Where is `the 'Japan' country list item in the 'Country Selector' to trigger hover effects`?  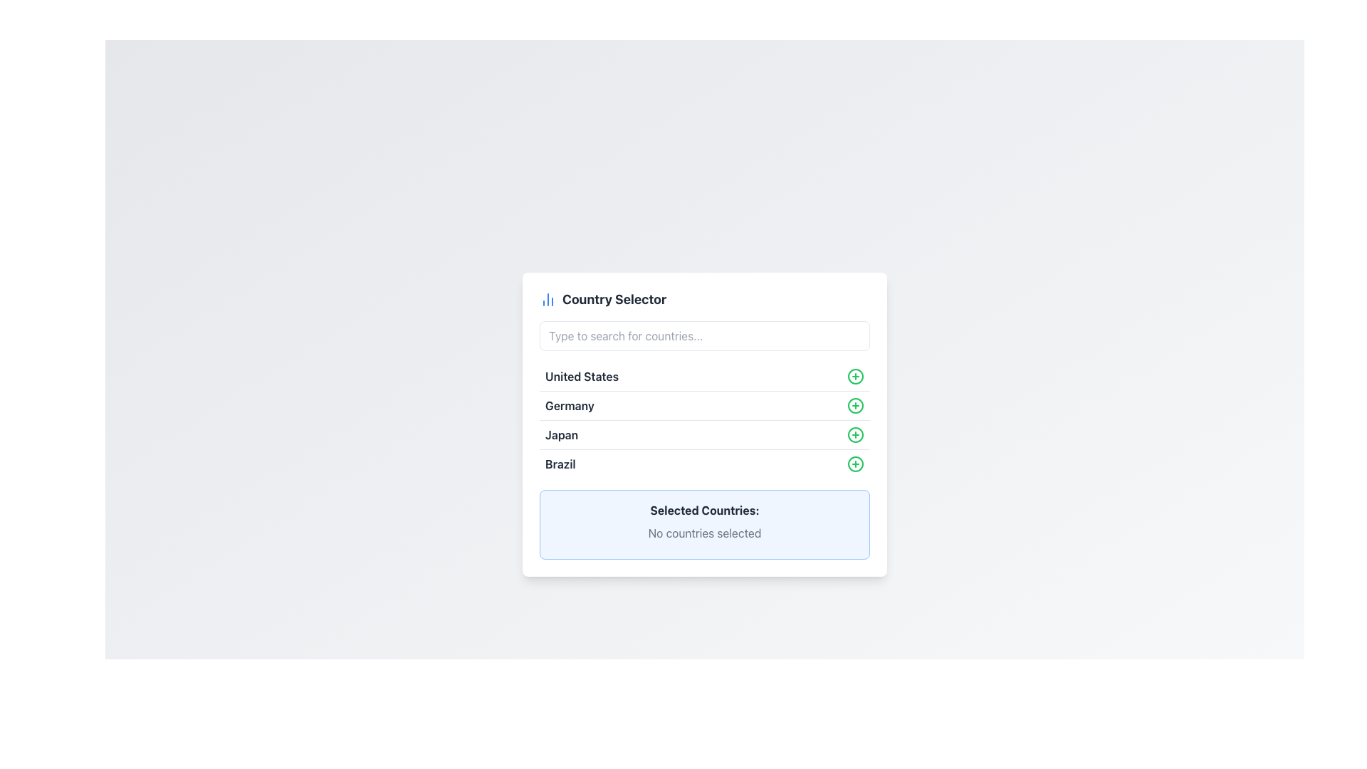 the 'Japan' country list item in the 'Country Selector' to trigger hover effects is located at coordinates (704, 433).